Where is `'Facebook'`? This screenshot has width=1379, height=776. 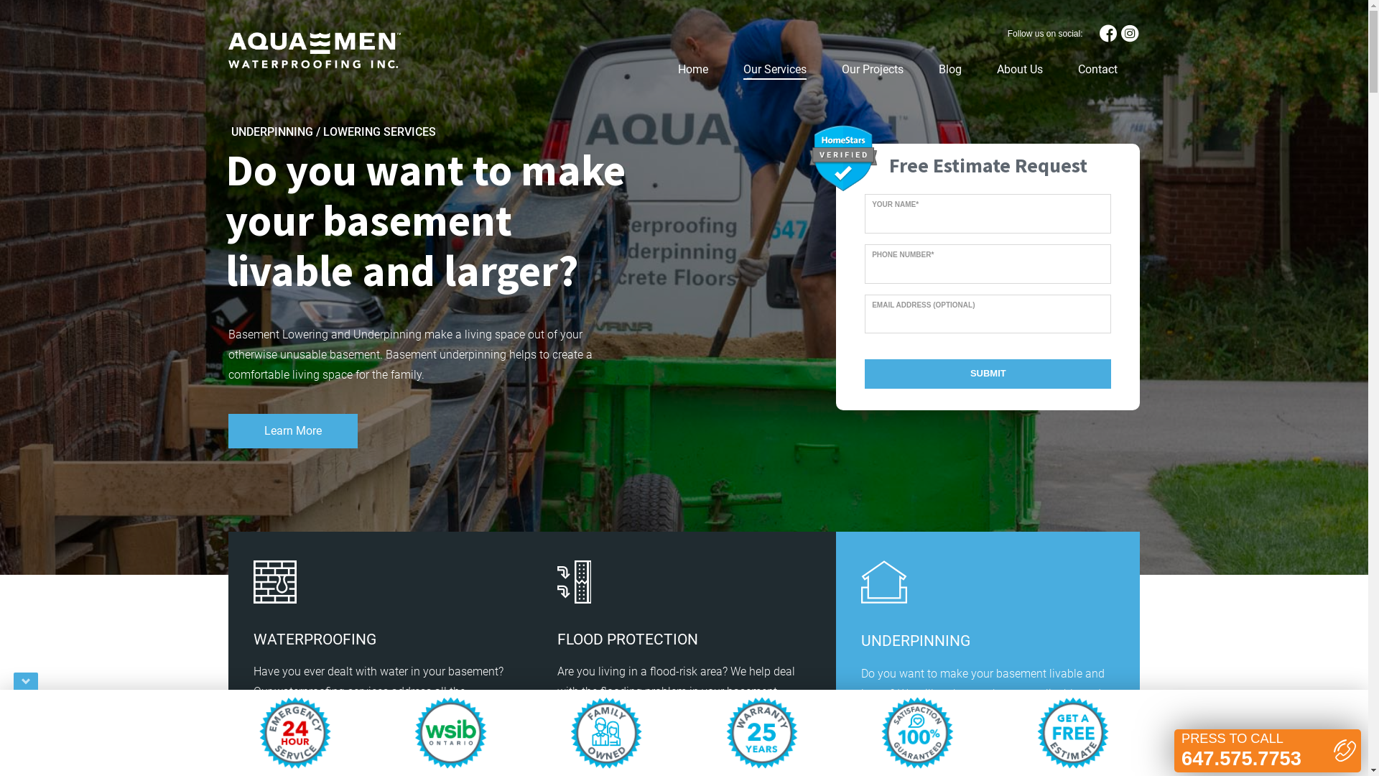
'Facebook' is located at coordinates (1107, 32).